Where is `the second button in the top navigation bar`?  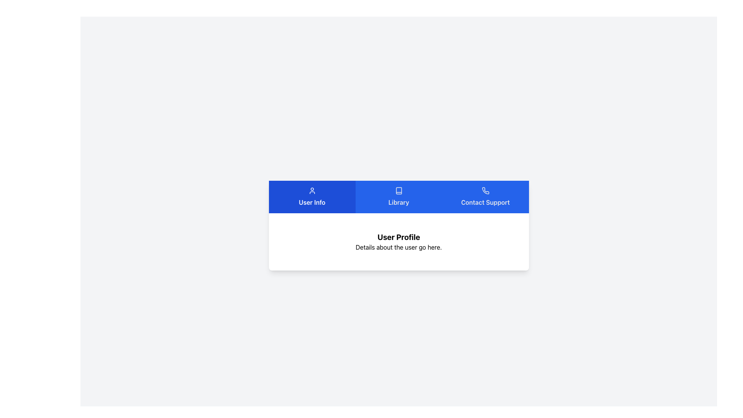 the second button in the top navigation bar is located at coordinates (399, 197).